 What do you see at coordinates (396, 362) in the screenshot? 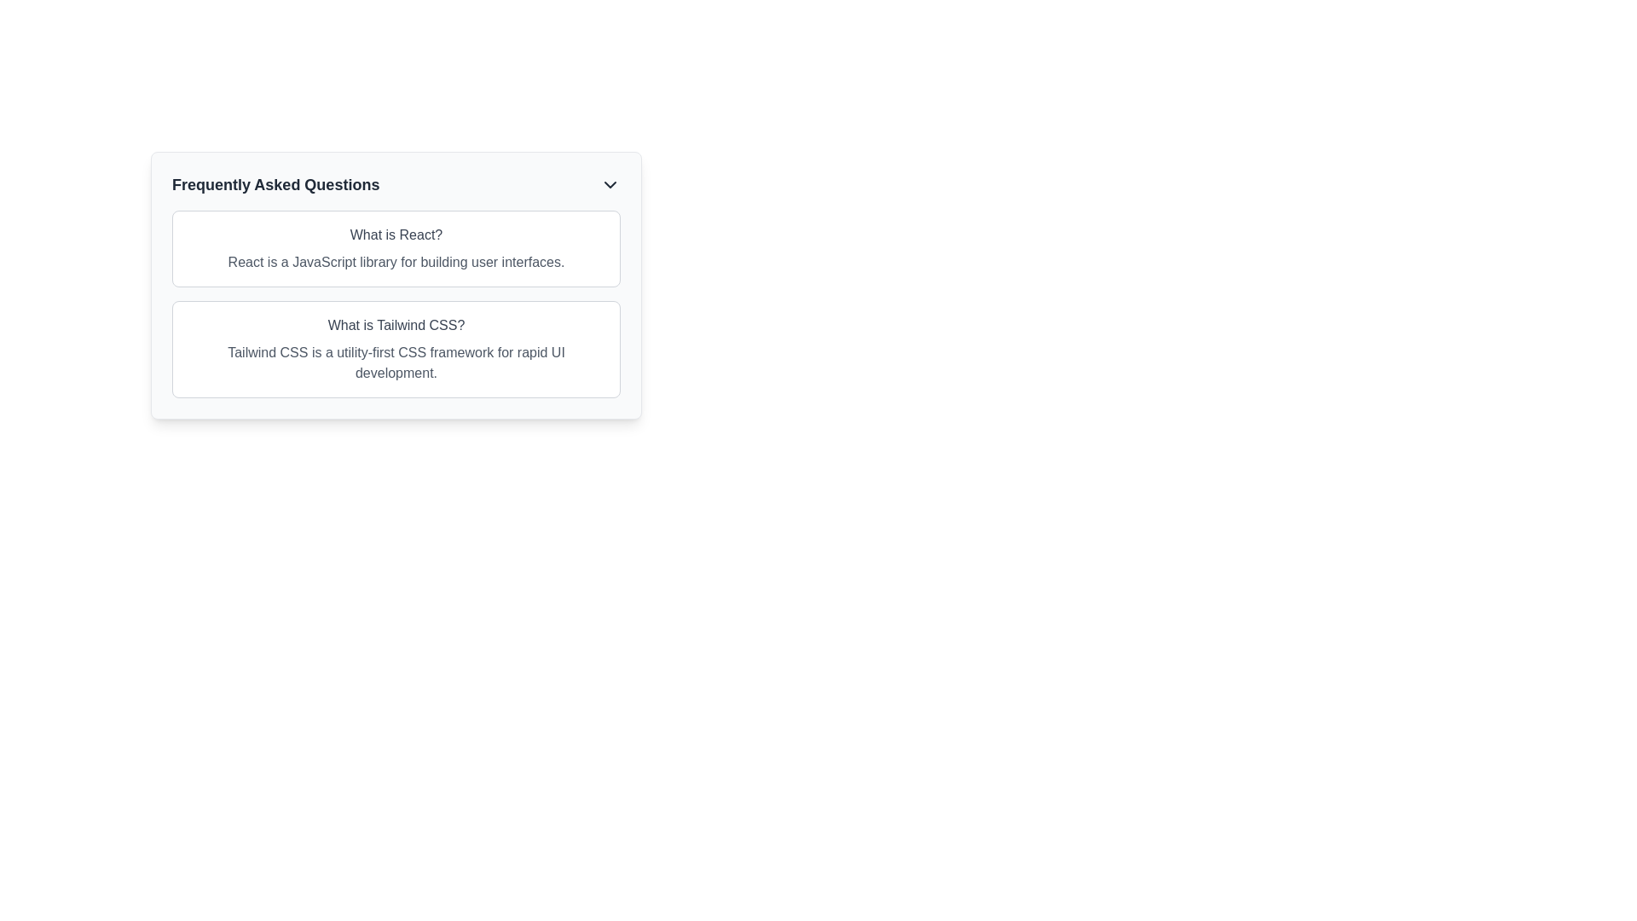
I see `the descriptive text element that provides an explanation of Tailwind CSS, positioned below the title 'What is Tailwind CSS?' in the FAQ interface` at bounding box center [396, 362].